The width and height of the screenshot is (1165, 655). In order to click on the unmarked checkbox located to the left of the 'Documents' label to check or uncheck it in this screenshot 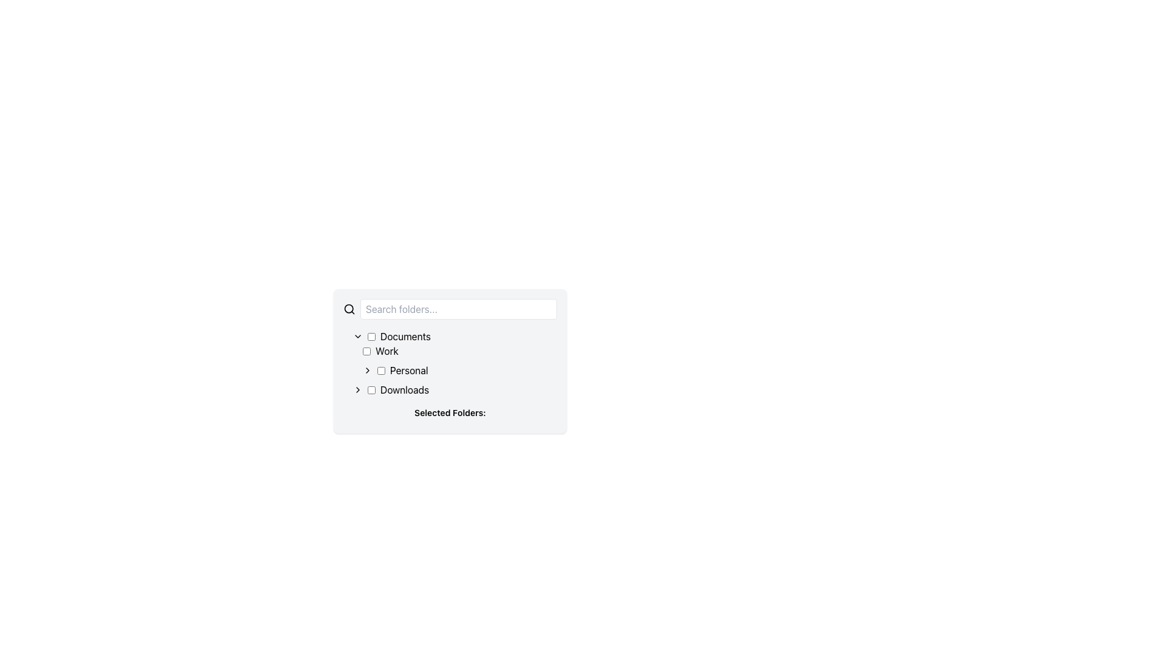, I will do `click(371, 337)`.